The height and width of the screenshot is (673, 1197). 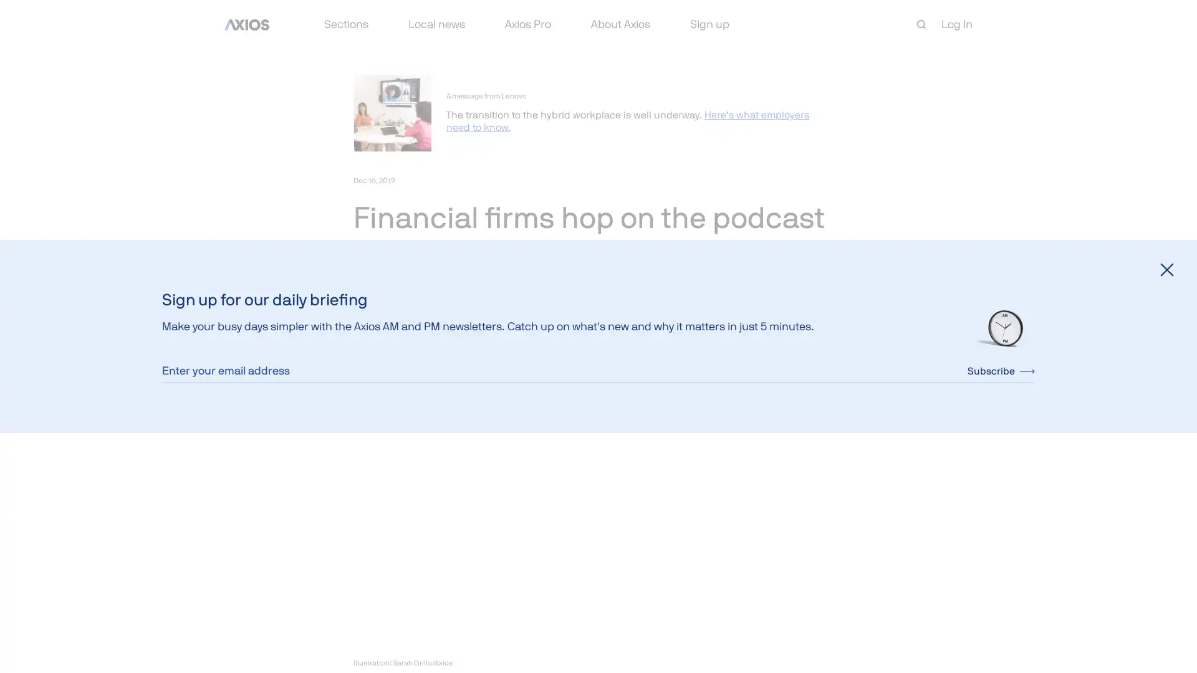 I want to click on Log In, so click(x=956, y=24).